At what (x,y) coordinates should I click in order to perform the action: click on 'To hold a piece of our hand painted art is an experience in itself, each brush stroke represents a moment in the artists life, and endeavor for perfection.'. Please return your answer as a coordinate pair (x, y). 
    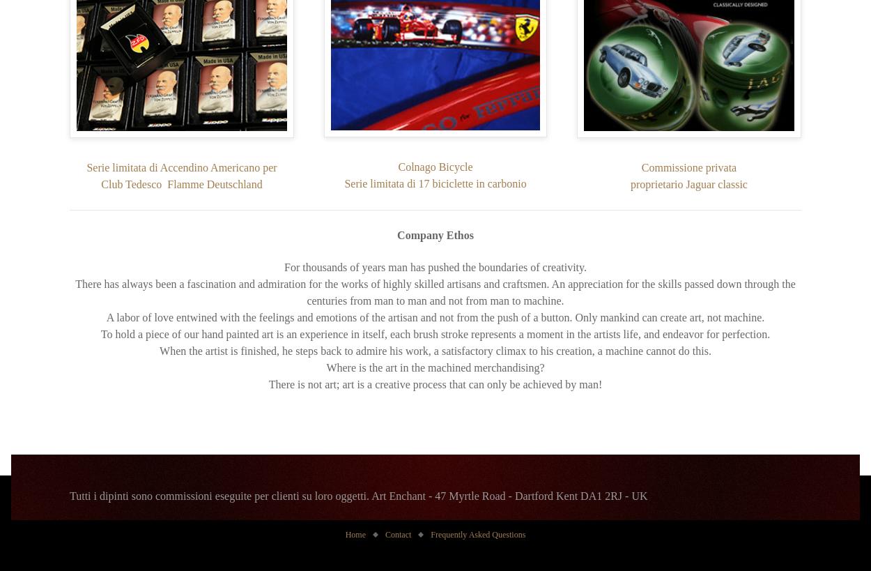
    Looking at the image, I should click on (434, 333).